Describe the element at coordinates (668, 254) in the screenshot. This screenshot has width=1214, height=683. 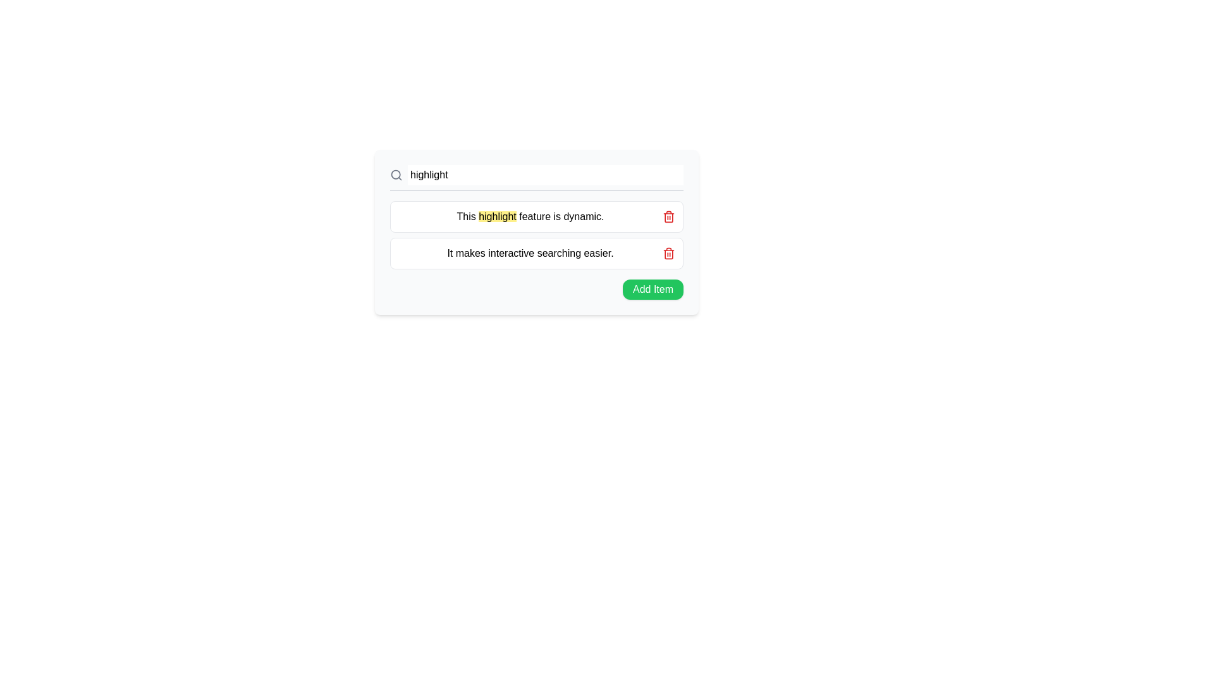
I see `the Icon button located to the right of the text 'It makes interactive searching easier.'` at that location.